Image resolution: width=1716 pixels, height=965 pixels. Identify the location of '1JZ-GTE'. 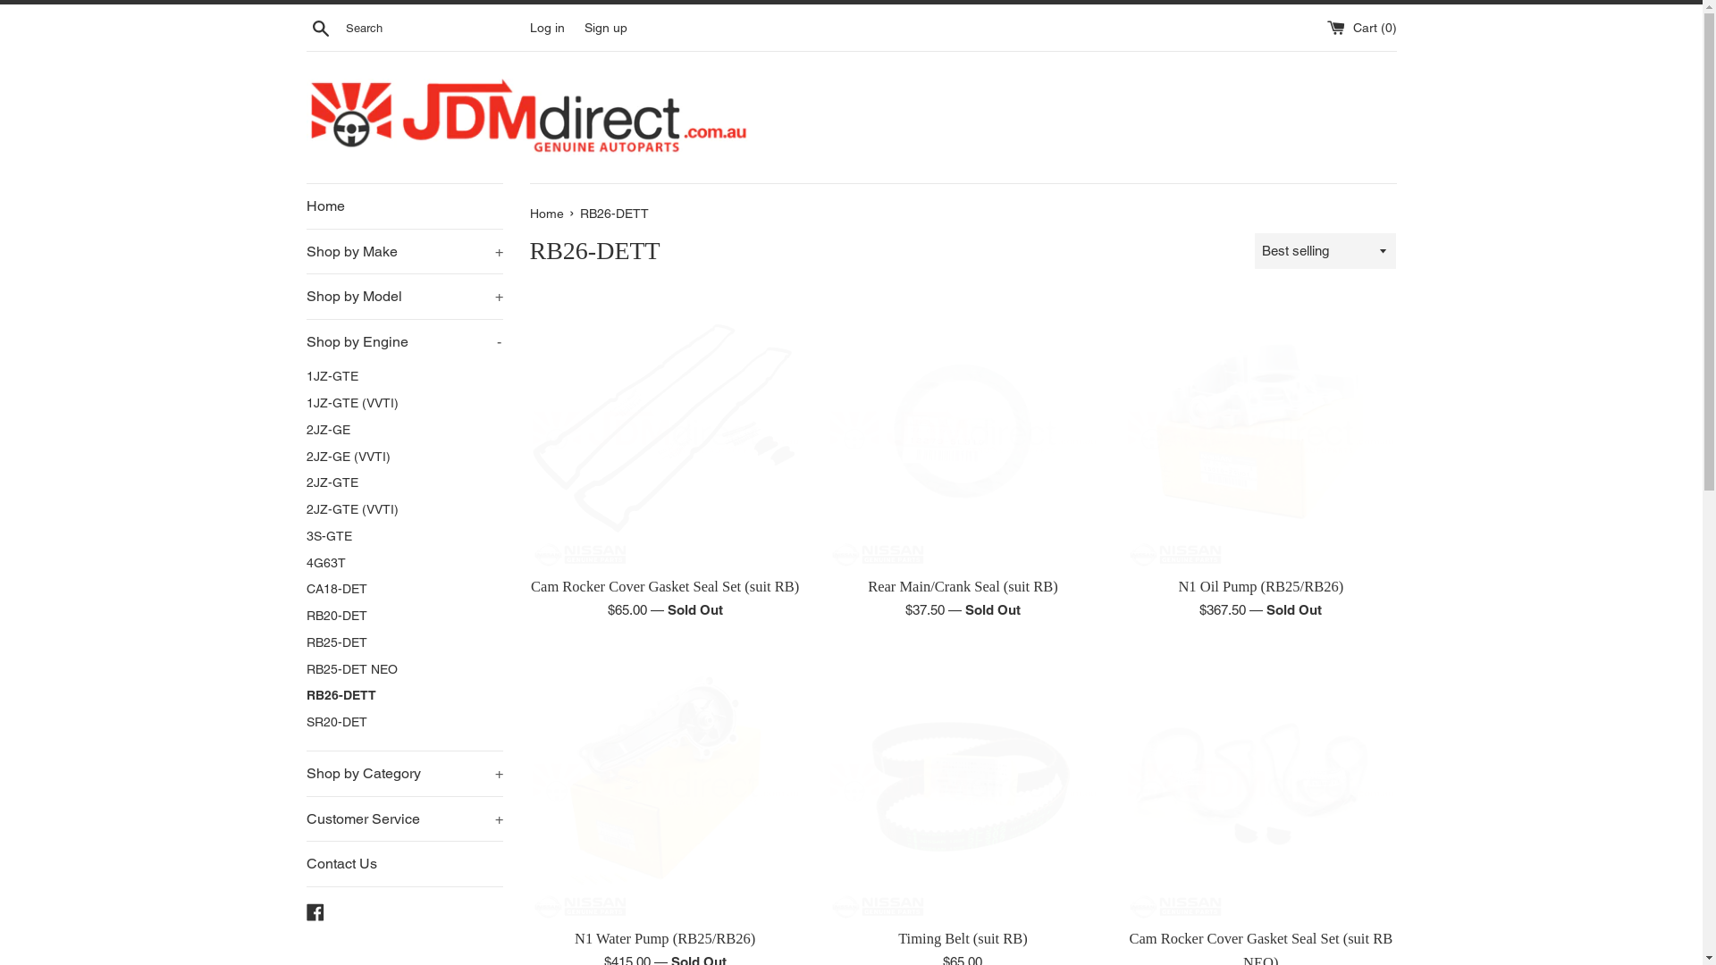
(402, 375).